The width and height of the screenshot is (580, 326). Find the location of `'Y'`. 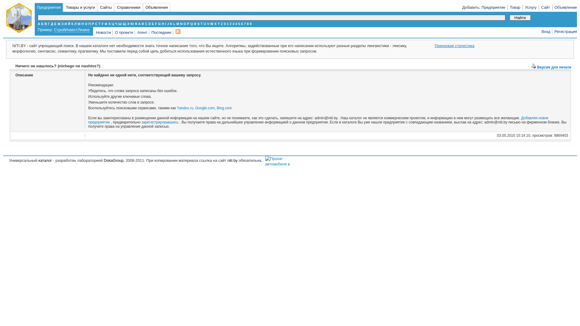

'Y' is located at coordinates (218, 23).